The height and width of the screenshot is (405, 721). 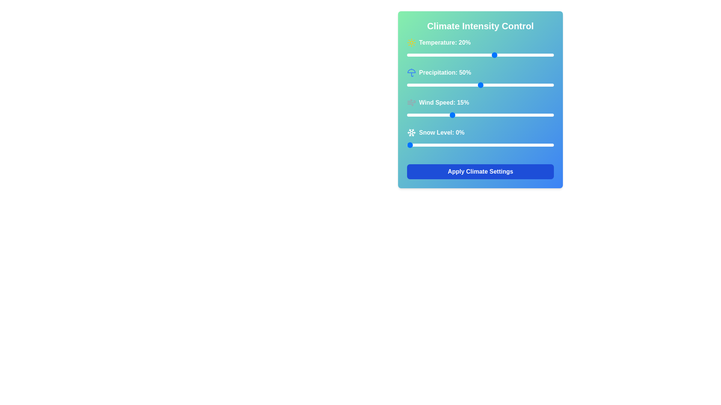 I want to click on the snow level, so click(x=415, y=145).